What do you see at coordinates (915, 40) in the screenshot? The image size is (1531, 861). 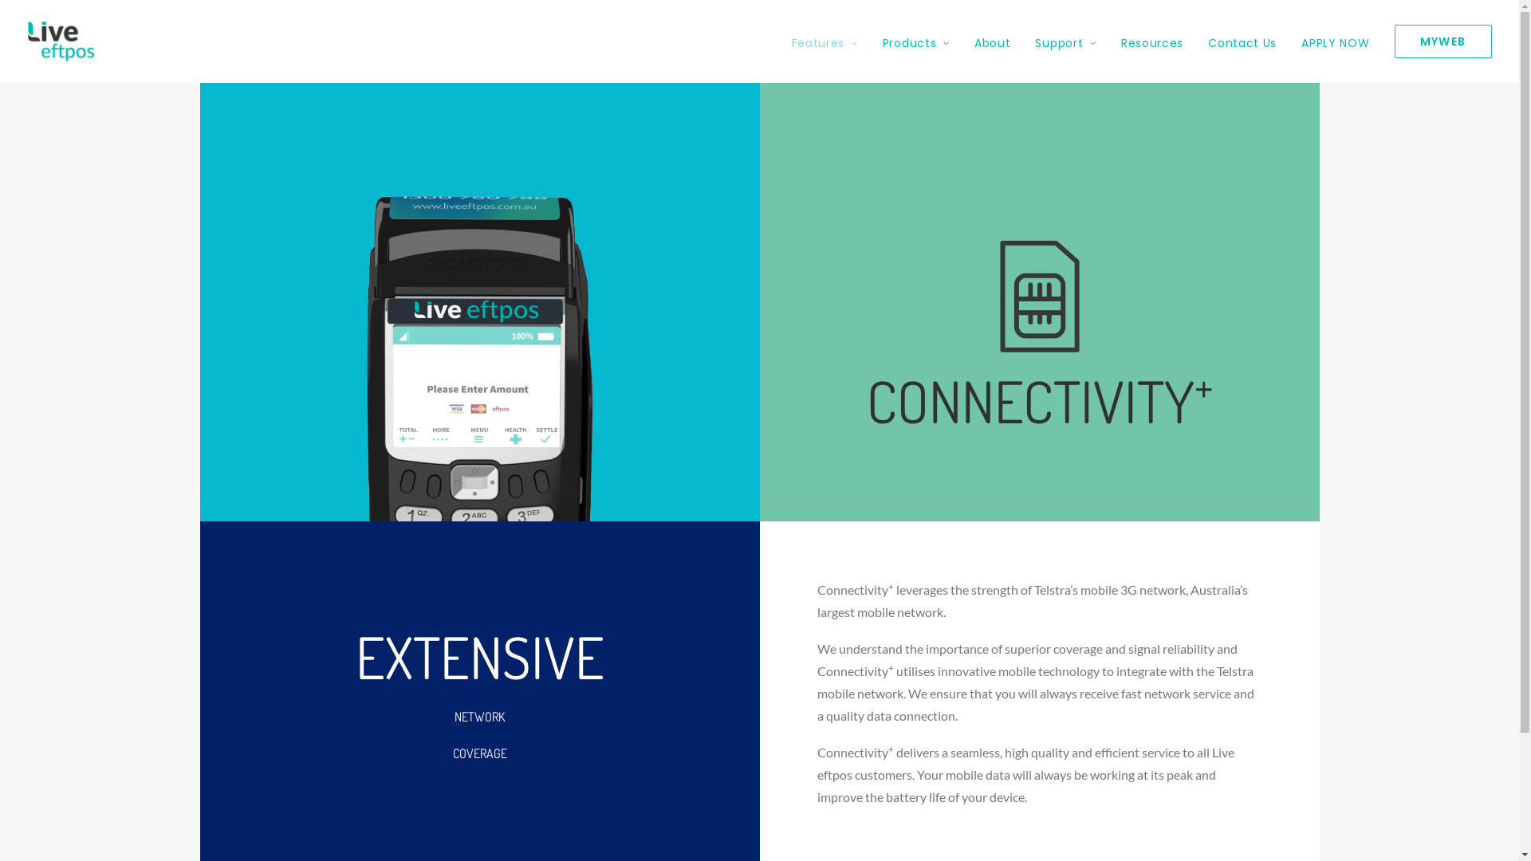 I see `'Products'` at bounding box center [915, 40].